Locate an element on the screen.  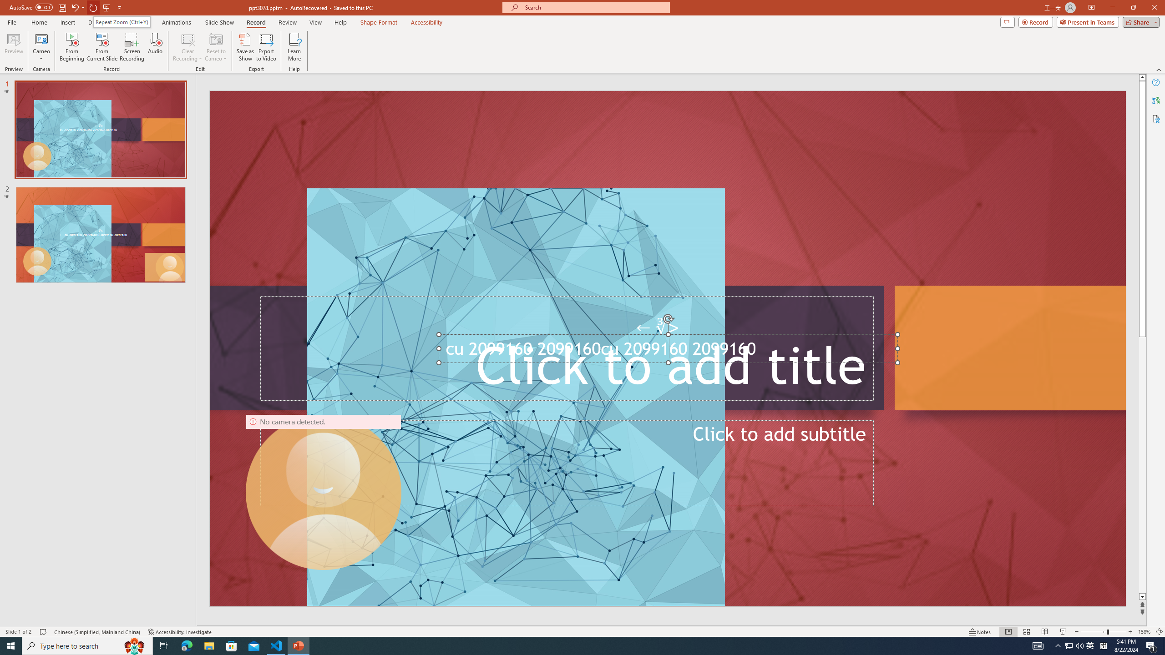
'TextBox 7' is located at coordinates (658, 327).